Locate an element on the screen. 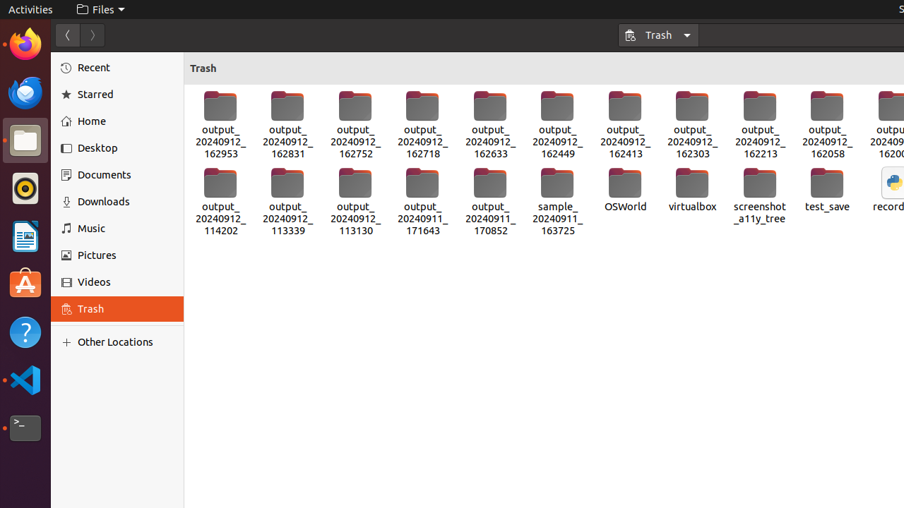 This screenshot has width=904, height=508. 'output_20240911_171643' is located at coordinates (422, 202).